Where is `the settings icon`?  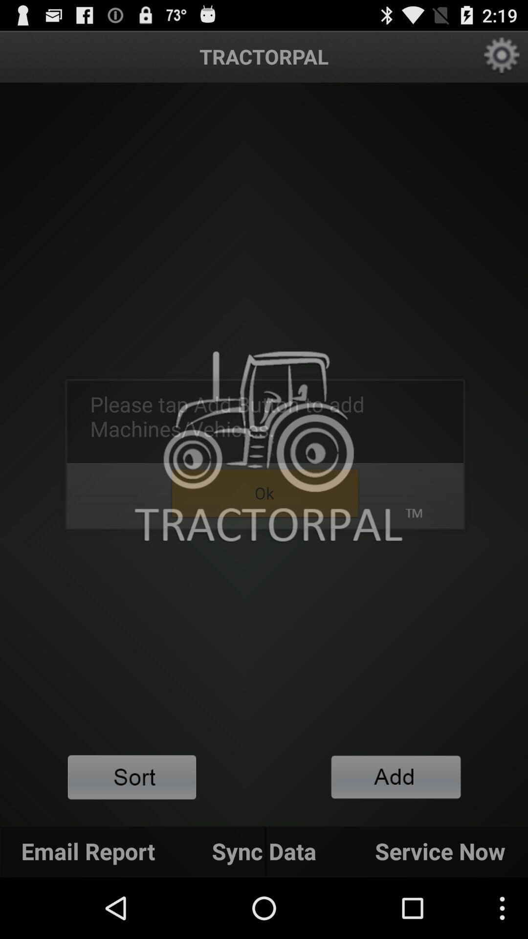
the settings icon is located at coordinates (502, 60).